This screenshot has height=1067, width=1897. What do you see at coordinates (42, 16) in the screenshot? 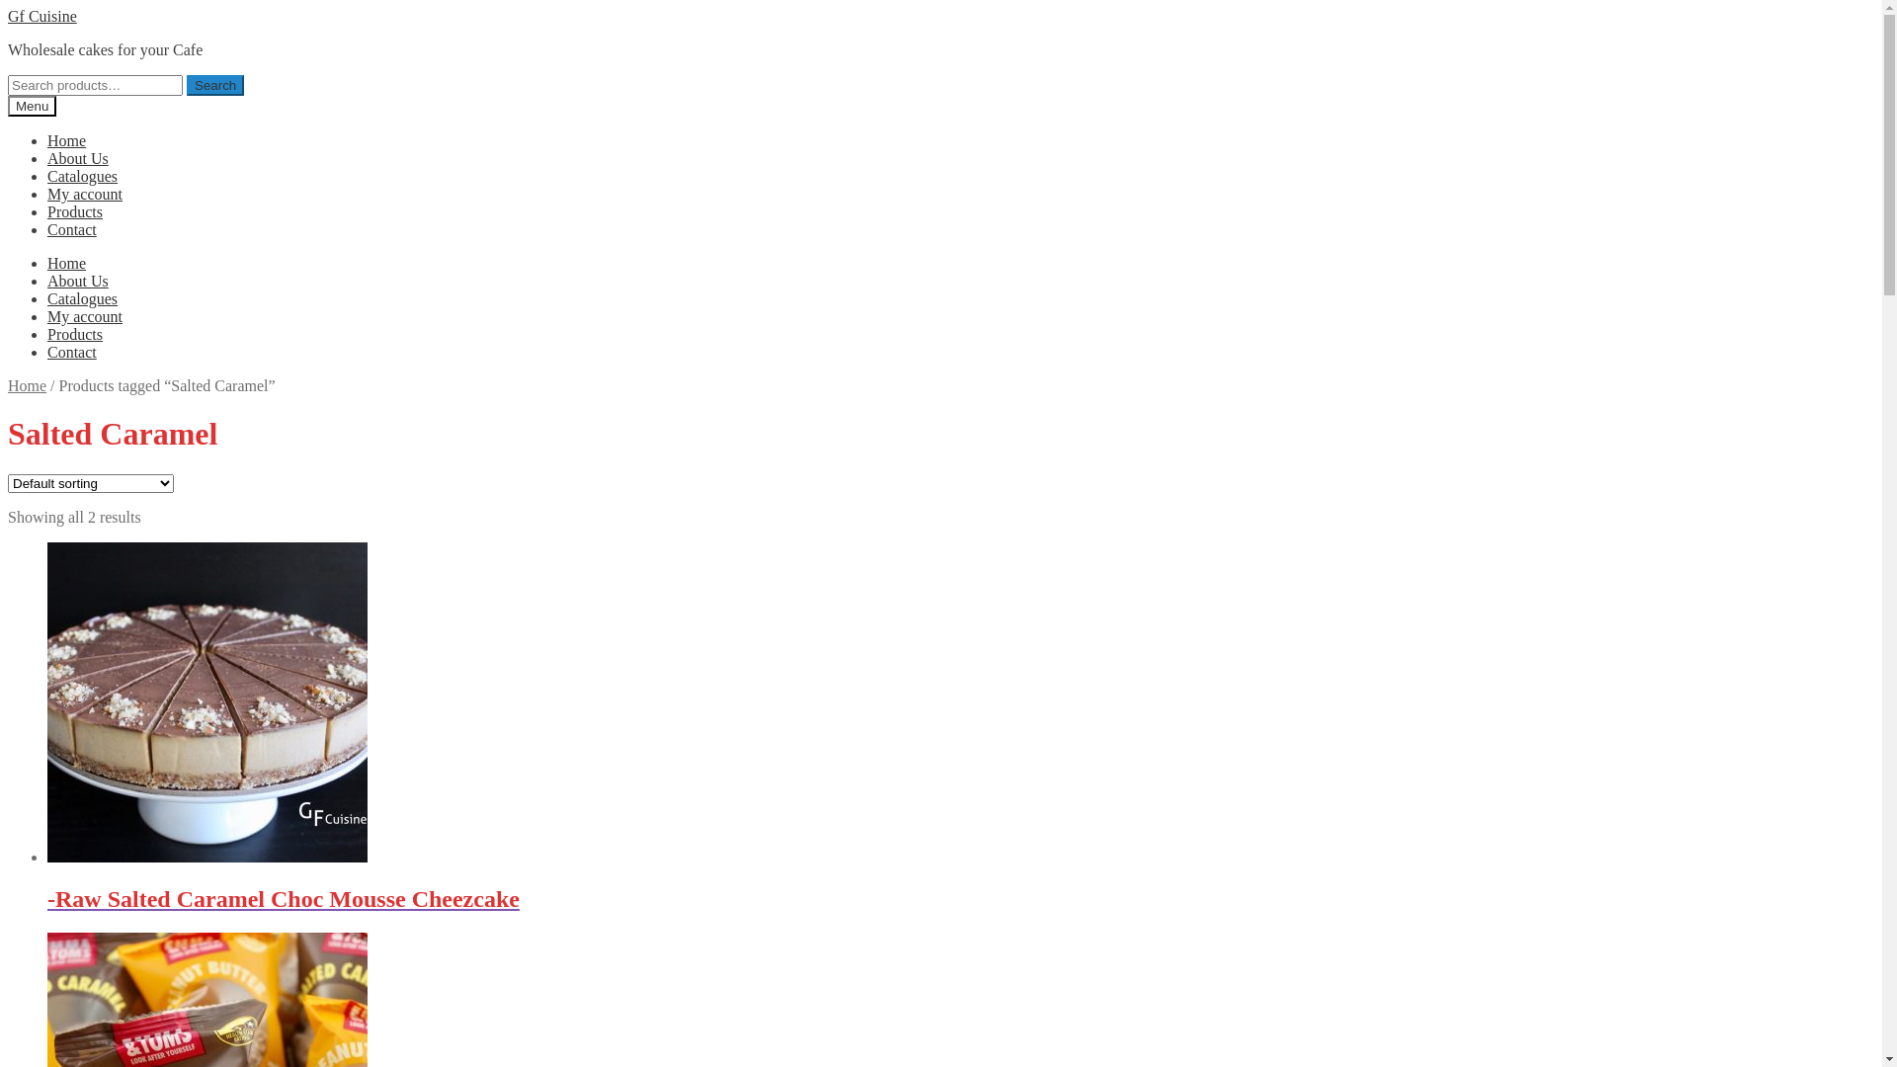
I see `'Gf Cuisine'` at bounding box center [42, 16].